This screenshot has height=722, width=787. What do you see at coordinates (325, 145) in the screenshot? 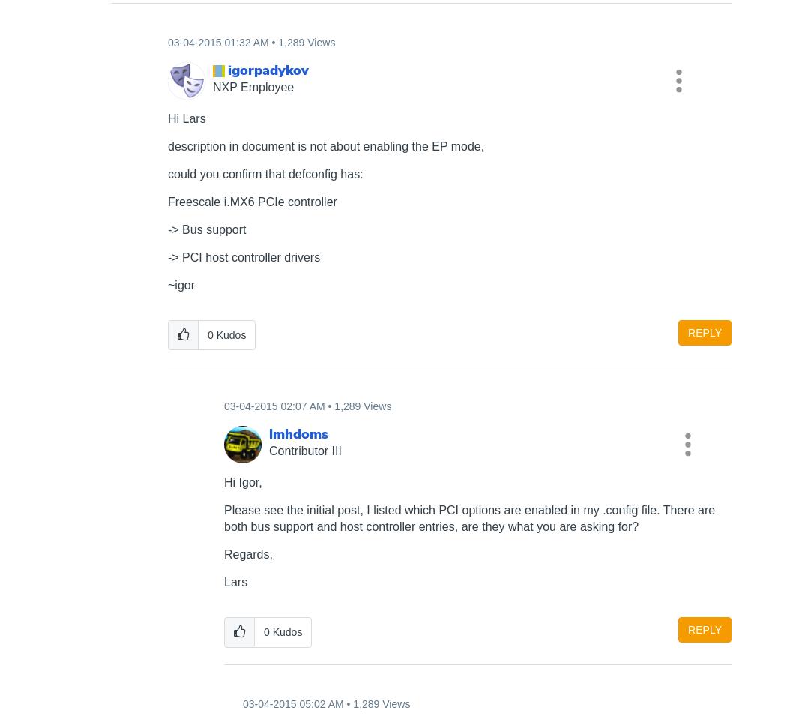
I see `'description in document is not about enabling the EP mode,'` at bounding box center [325, 145].